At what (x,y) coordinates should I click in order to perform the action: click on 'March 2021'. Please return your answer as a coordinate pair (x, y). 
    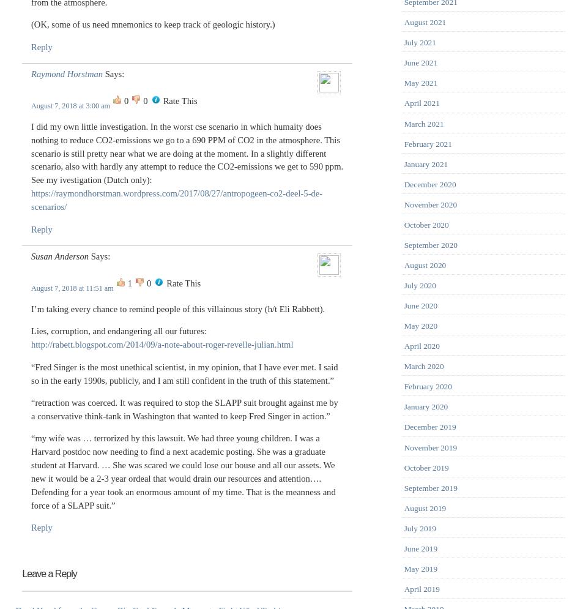
    Looking at the image, I should click on (404, 122).